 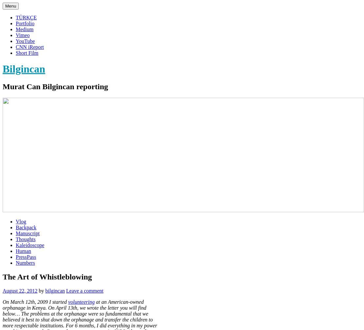 What do you see at coordinates (27, 233) in the screenshot?
I see `'Manuscript'` at bounding box center [27, 233].